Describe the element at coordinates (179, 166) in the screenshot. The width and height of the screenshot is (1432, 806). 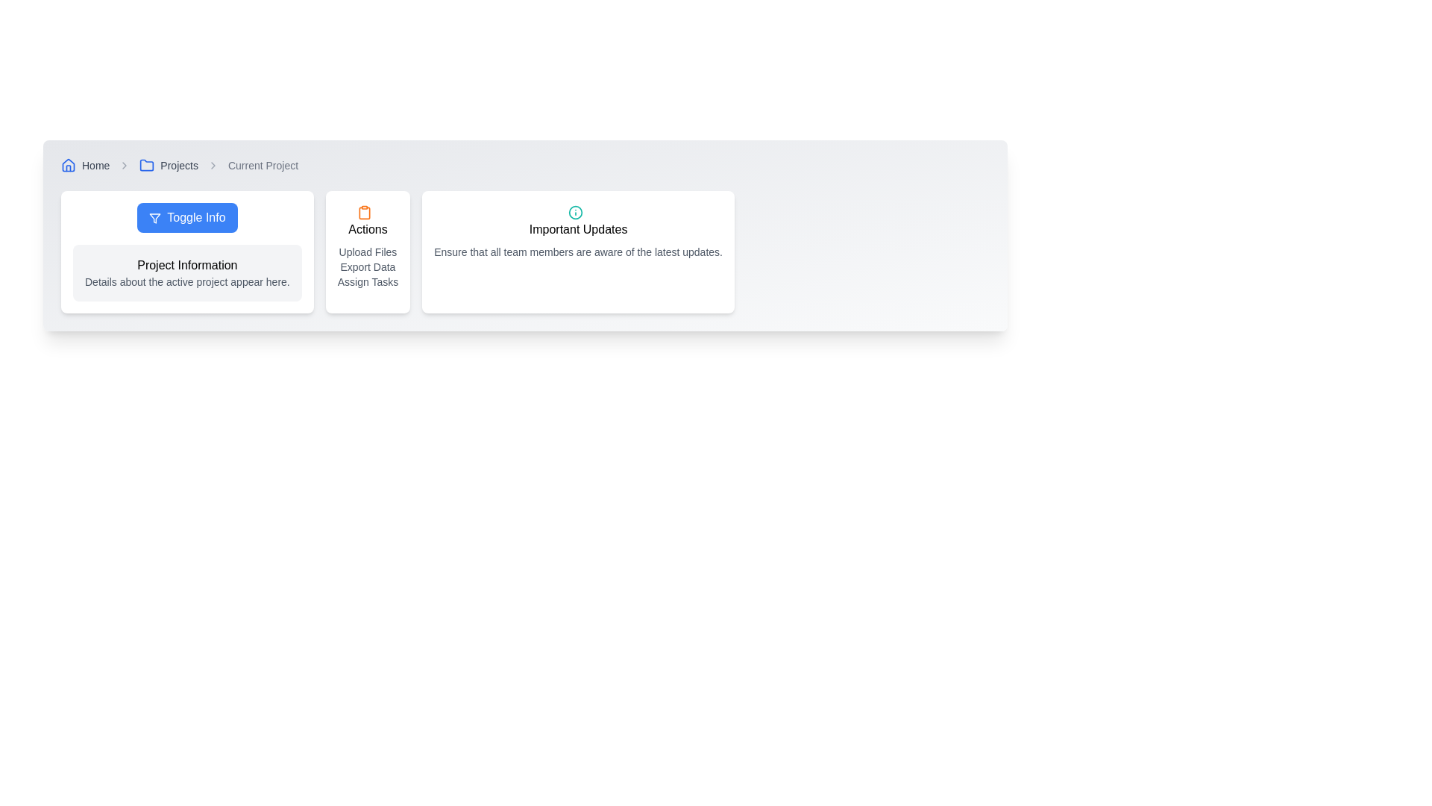
I see `the 'Projects' hyperlink in the breadcrumb navigation bar` at that location.